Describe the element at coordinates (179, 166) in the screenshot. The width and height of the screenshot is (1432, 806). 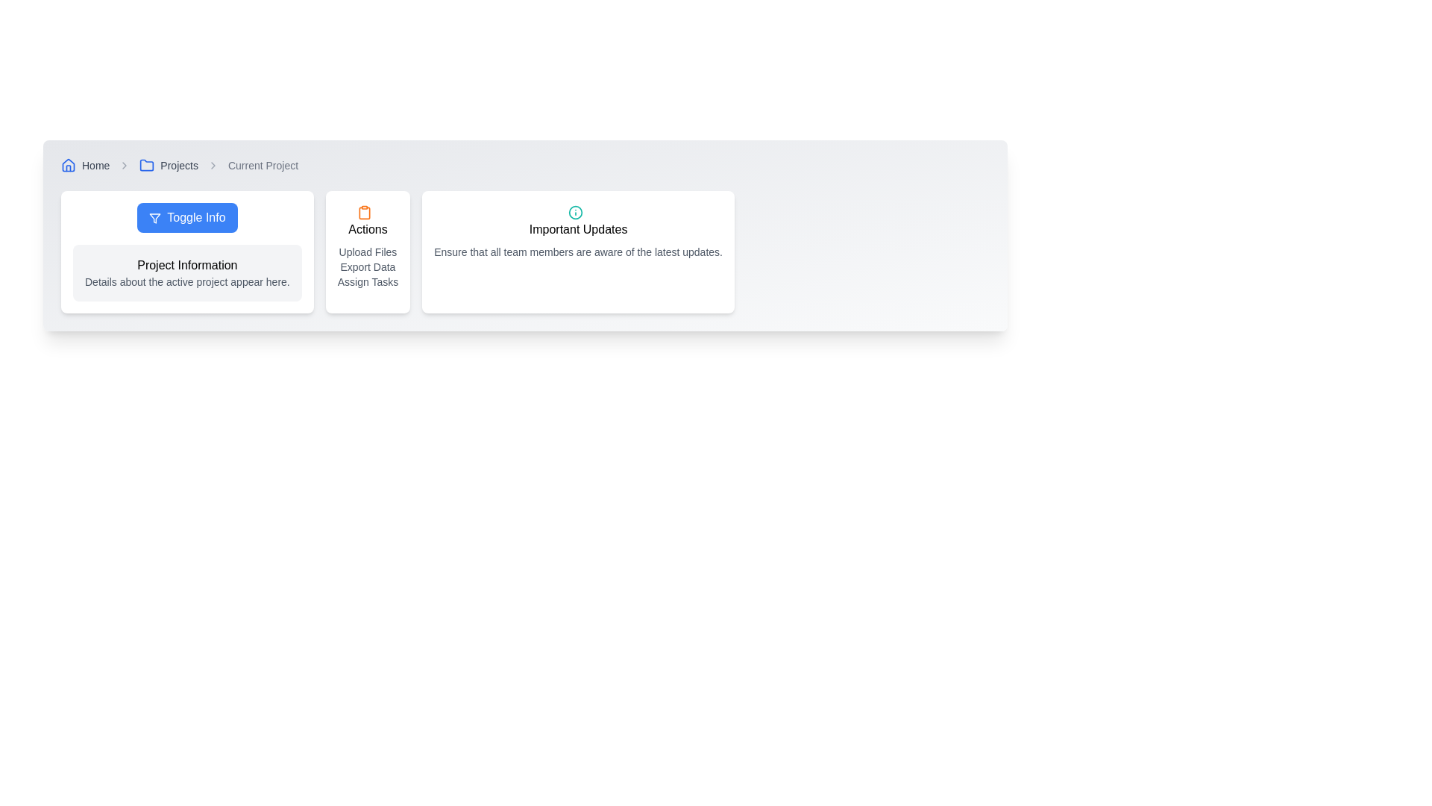
I see `the 'Projects' hyperlink in the breadcrumb navigation bar` at that location.